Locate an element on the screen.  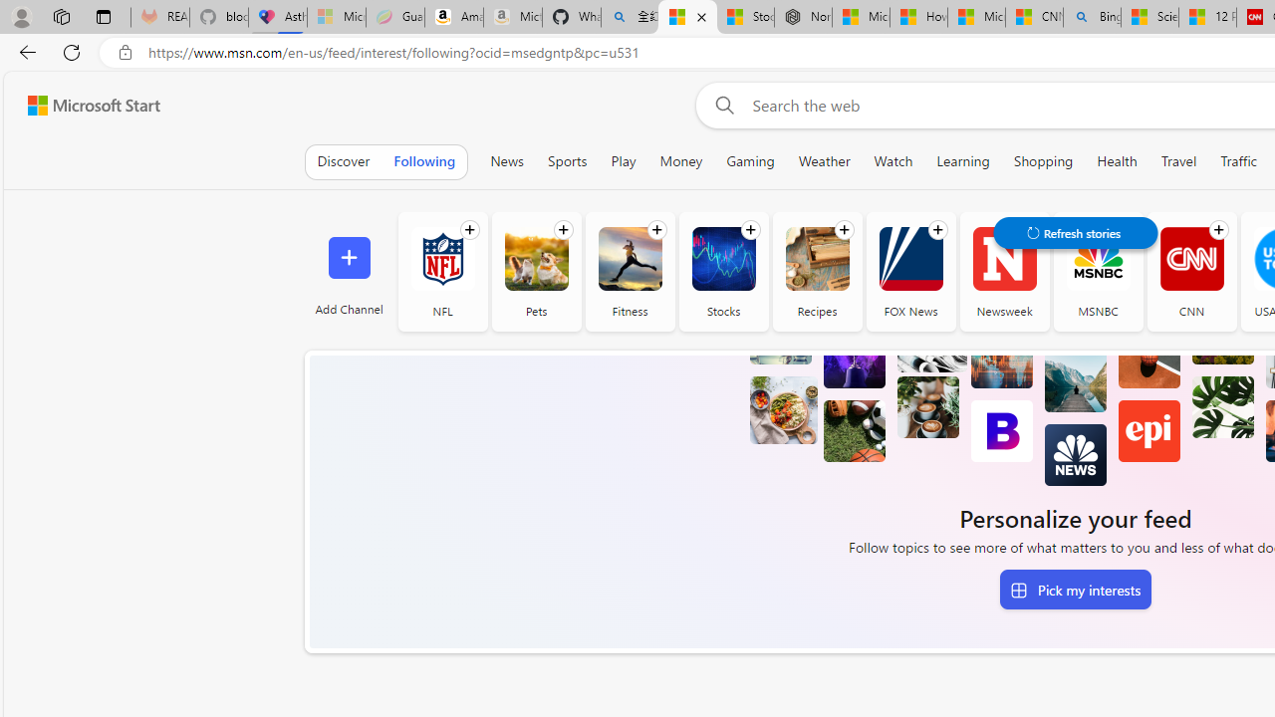
'FOX News' is located at coordinates (909, 258).